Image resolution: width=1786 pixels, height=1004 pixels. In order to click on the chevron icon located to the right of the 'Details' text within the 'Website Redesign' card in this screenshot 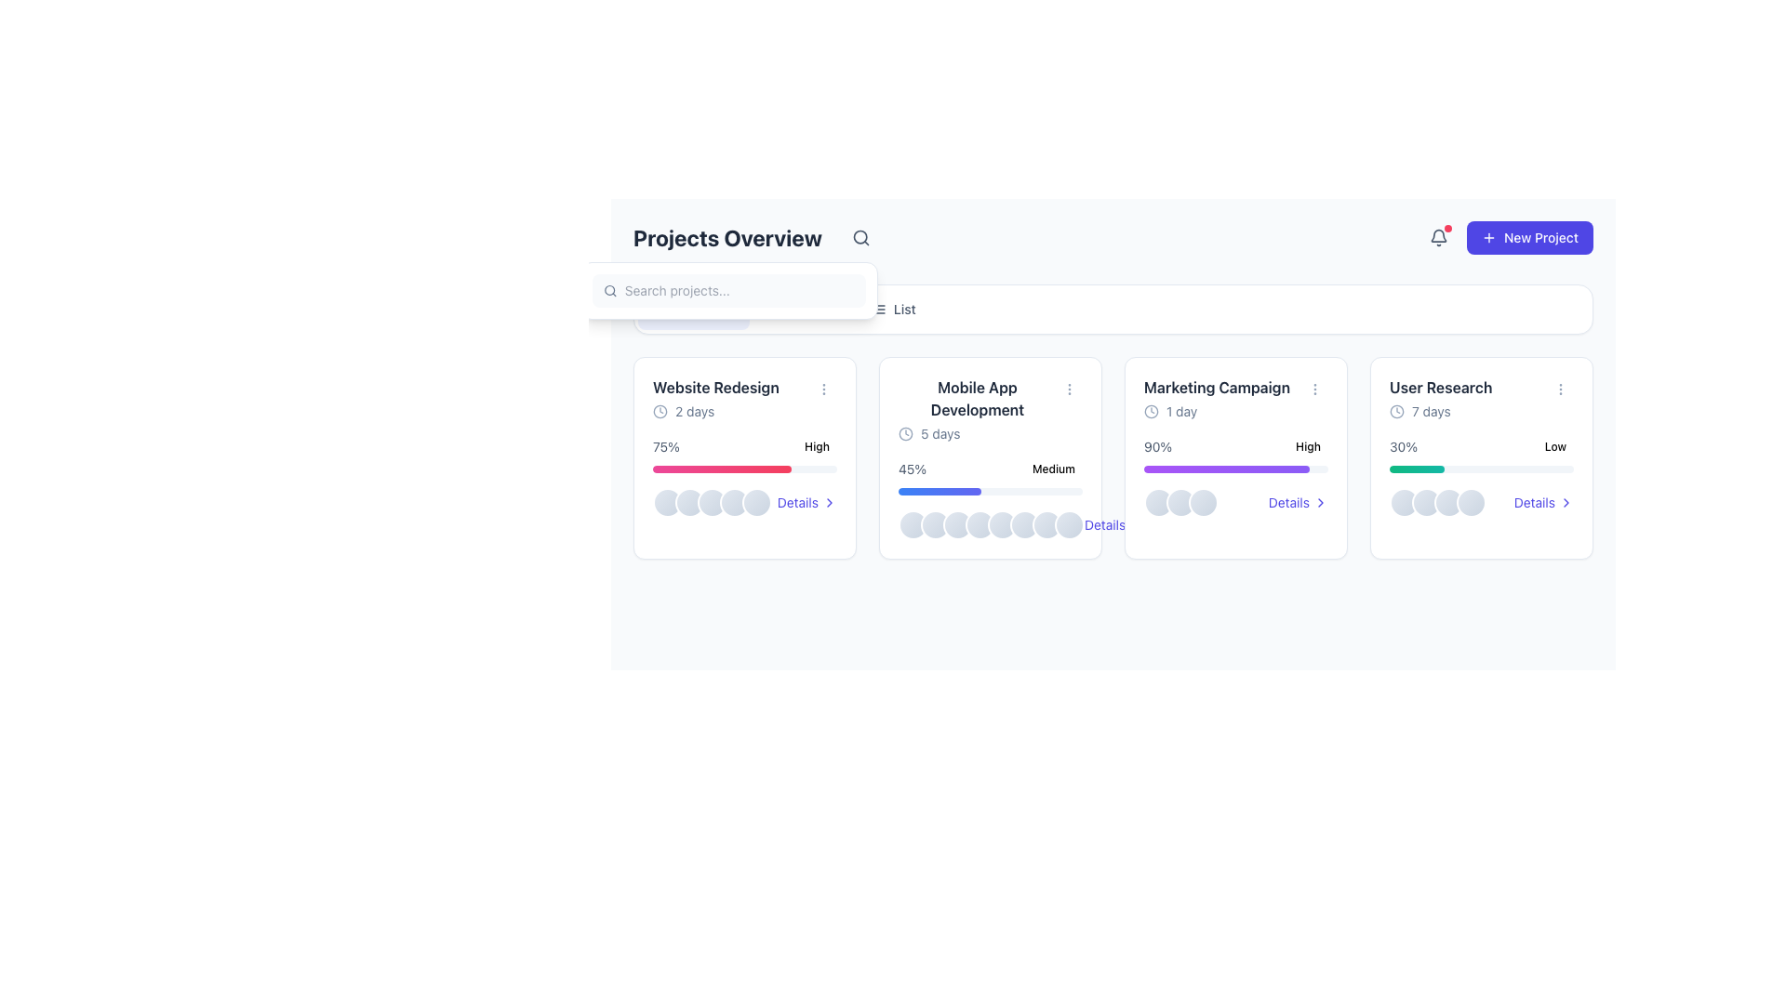, I will do `click(829, 502)`.